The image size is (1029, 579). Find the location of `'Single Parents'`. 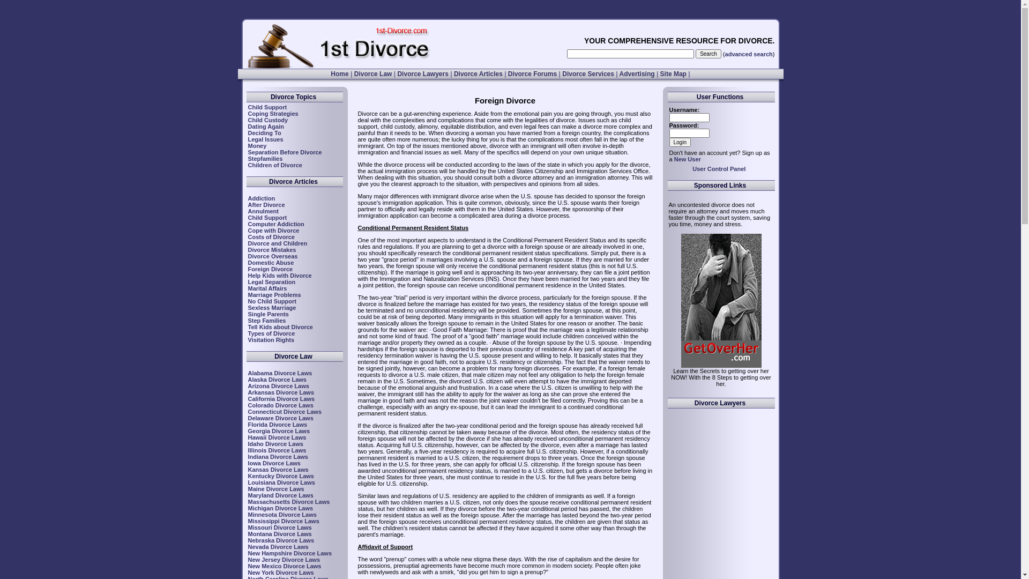

'Single Parents' is located at coordinates (267, 314).